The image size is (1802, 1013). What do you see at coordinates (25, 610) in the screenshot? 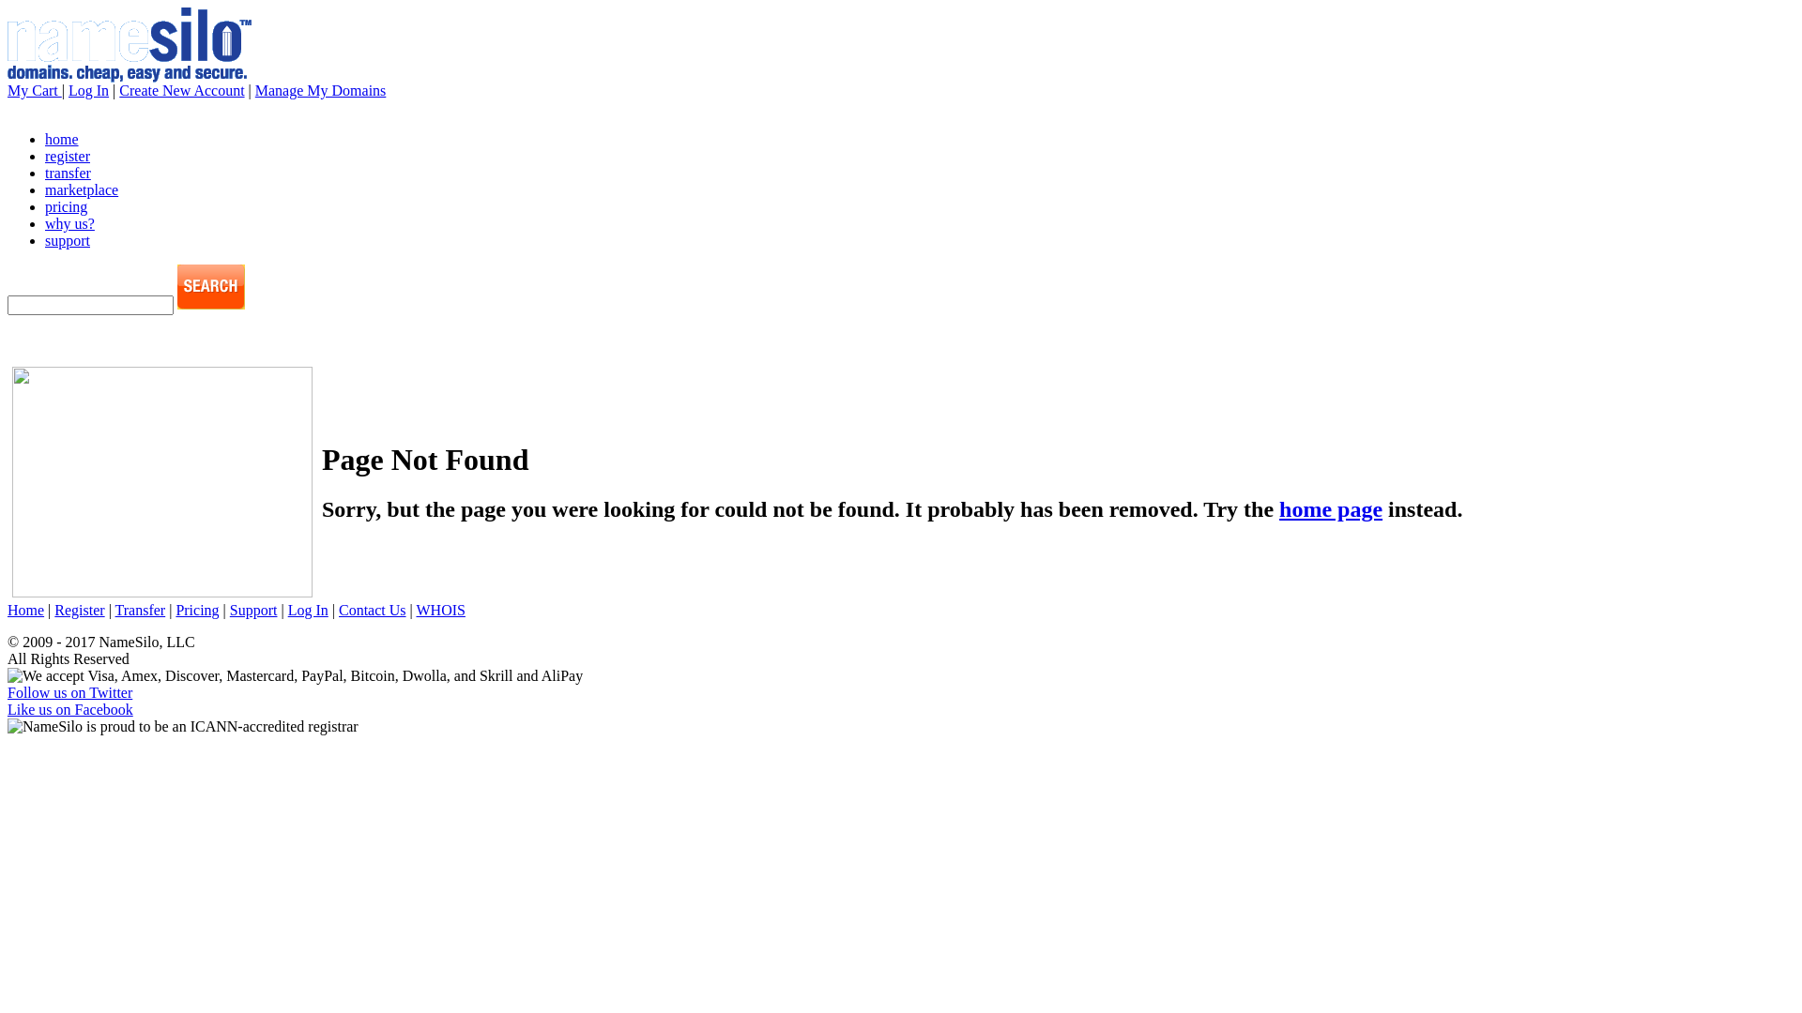
I see `'Home'` at bounding box center [25, 610].